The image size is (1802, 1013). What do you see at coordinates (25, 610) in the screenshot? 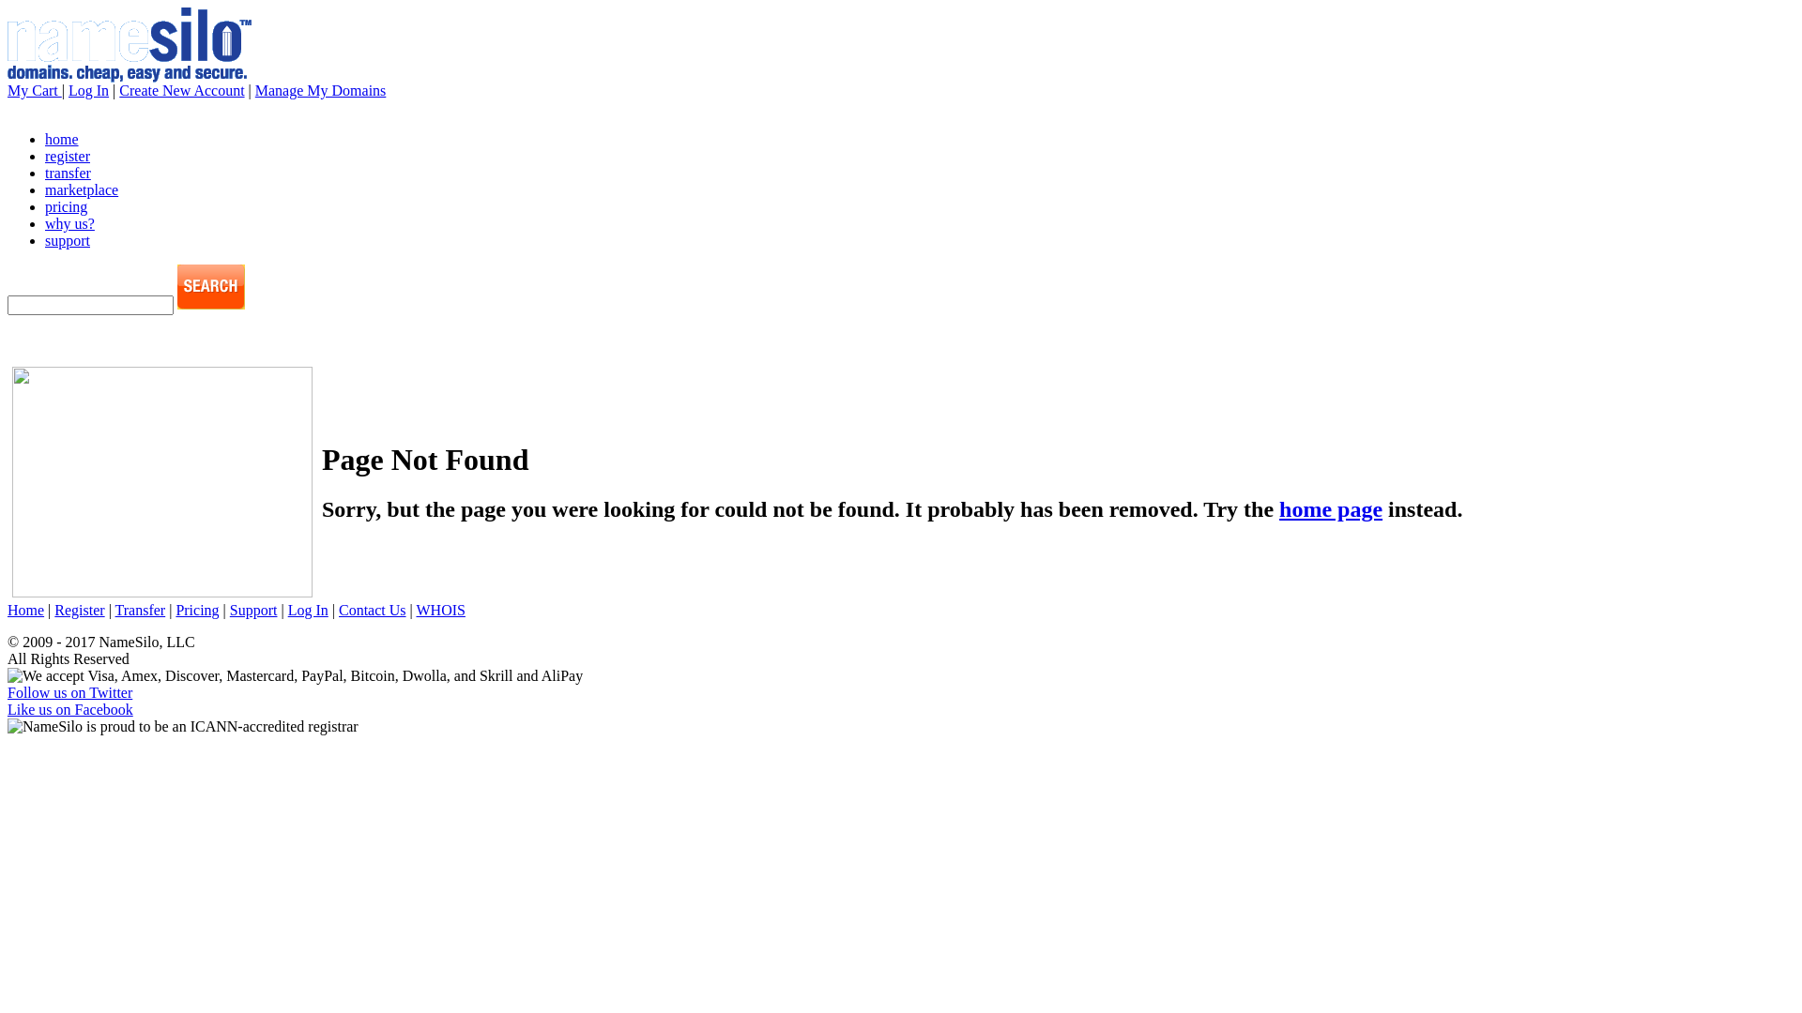
I see `'Home'` at bounding box center [25, 610].